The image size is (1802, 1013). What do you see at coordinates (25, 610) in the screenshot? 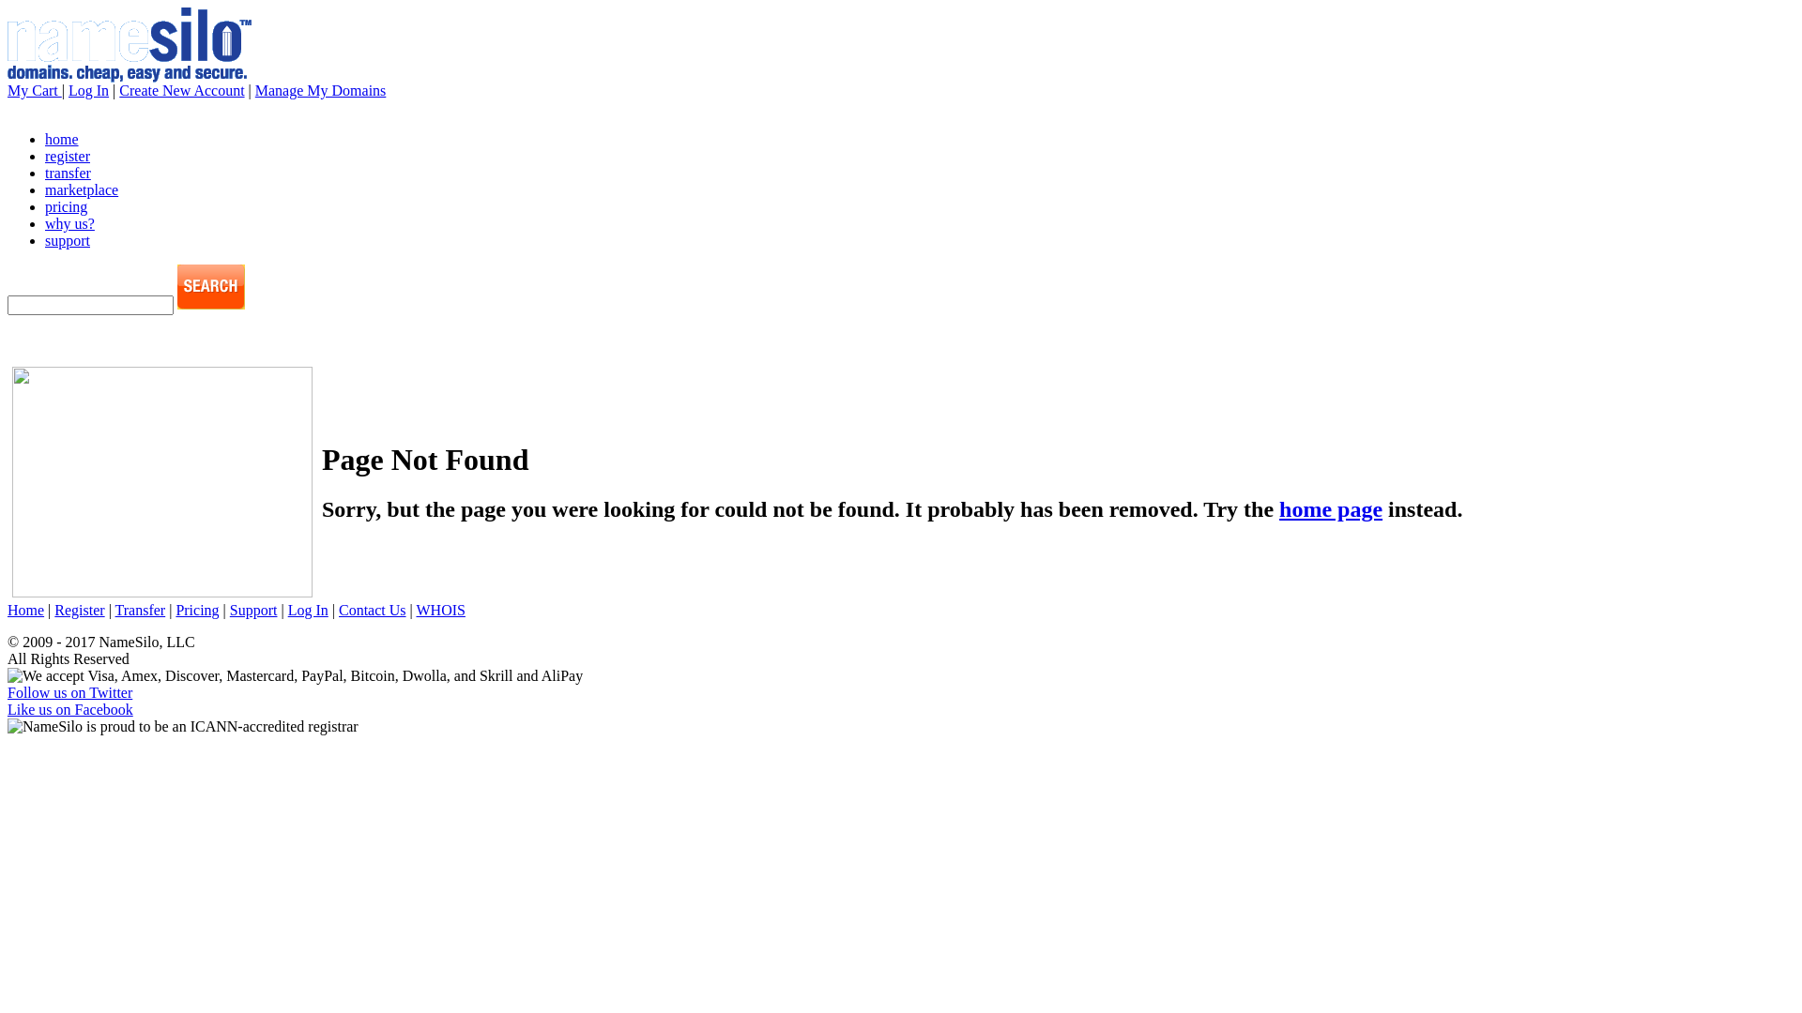
I see `'Home'` at bounding box center [25, 610].